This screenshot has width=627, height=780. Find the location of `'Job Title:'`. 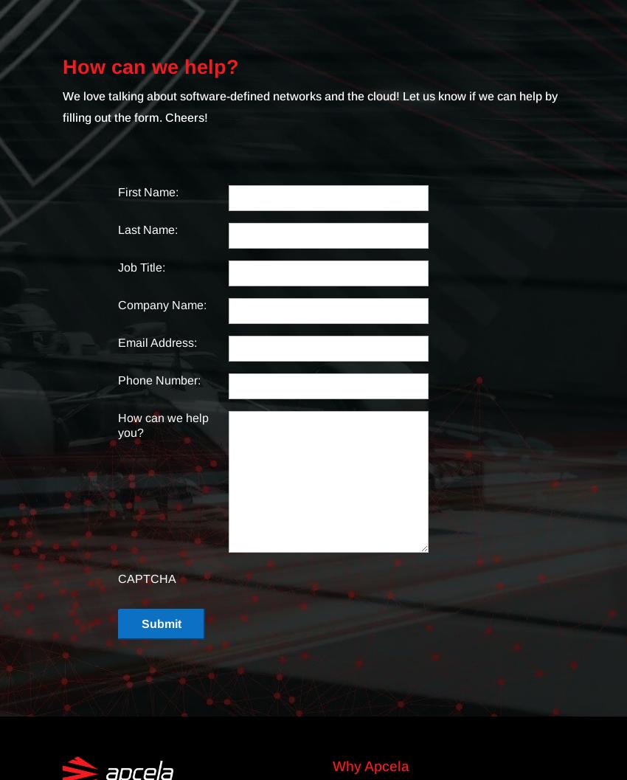

'Job Title:' is located at coordinates (141, 267).